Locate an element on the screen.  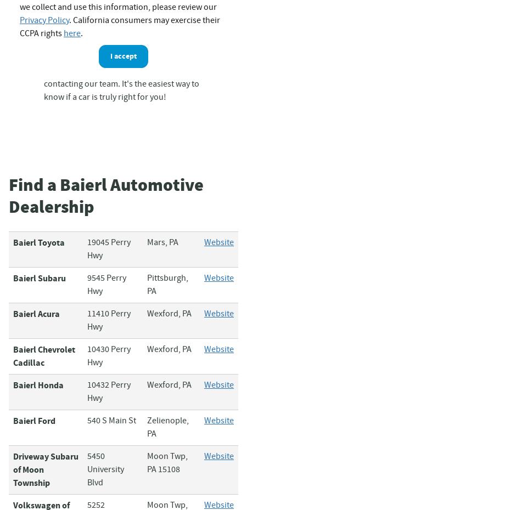
'Moon Twp, PA 15108' is located at coordinates (167, 462).